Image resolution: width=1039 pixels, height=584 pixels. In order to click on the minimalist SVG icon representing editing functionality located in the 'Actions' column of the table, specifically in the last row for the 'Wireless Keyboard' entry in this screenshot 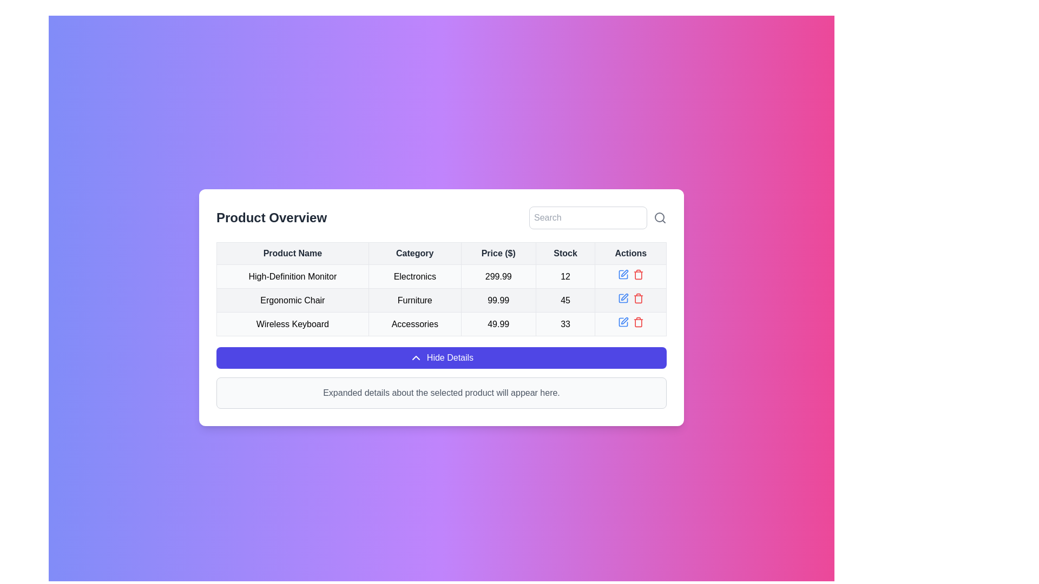, I will do `click(623, 322)`.